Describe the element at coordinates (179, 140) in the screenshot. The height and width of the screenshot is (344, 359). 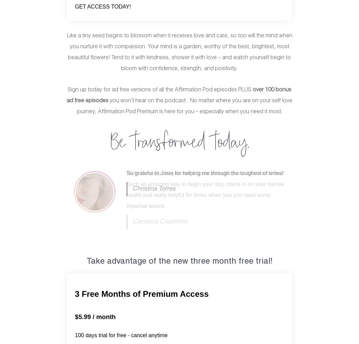
I see `'Be transformed today.'` at that location.